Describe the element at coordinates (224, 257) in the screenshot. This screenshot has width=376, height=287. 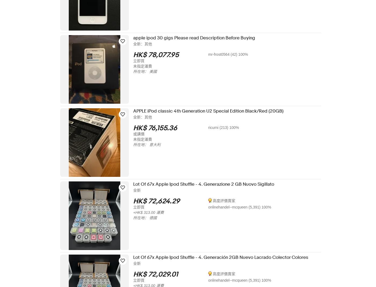
I see `'Lot Of 67x Apple Ipod Shuffle - 4. Generación 2GB Nuevo Lacrado Colector Colores'` at that location.